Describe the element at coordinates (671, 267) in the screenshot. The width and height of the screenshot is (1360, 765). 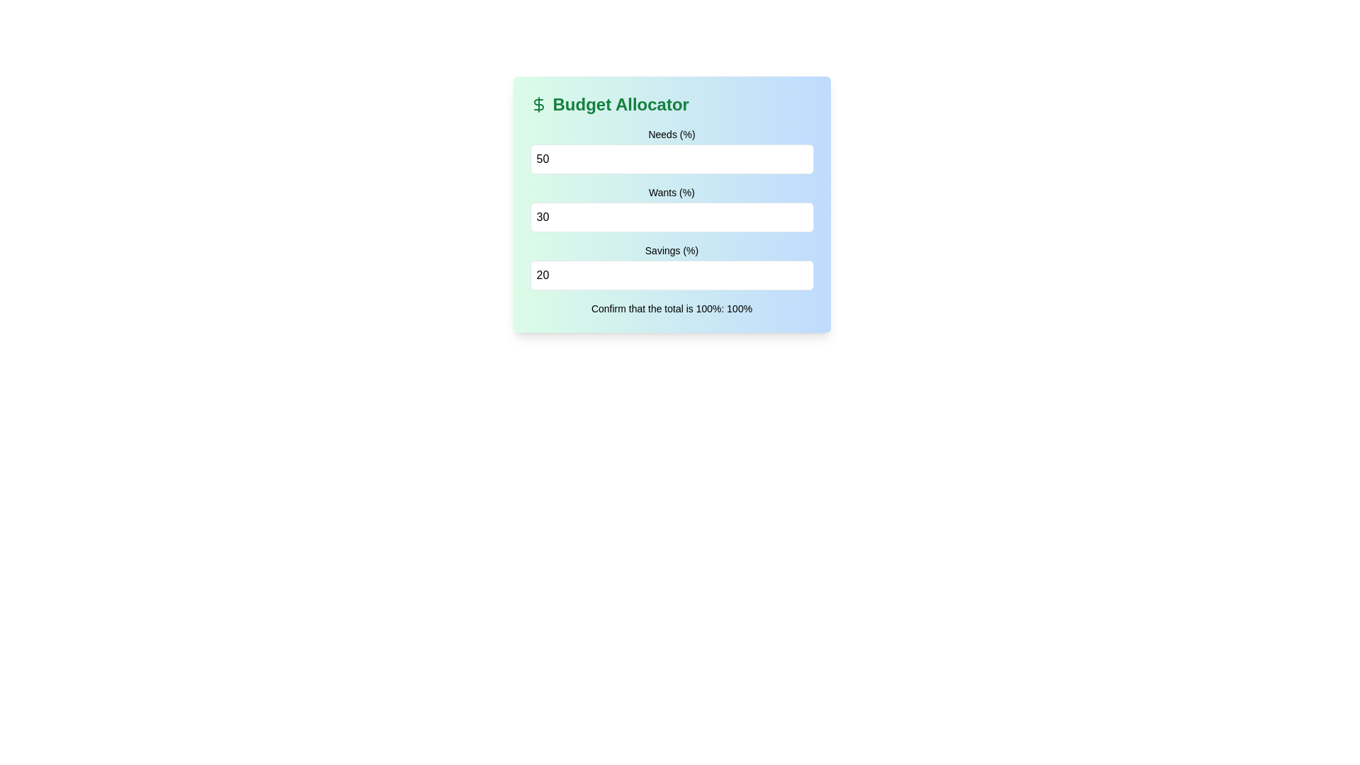
I see `the Numeric Input Field labeled 'Savings (%)' by tabbing to it` at that location.